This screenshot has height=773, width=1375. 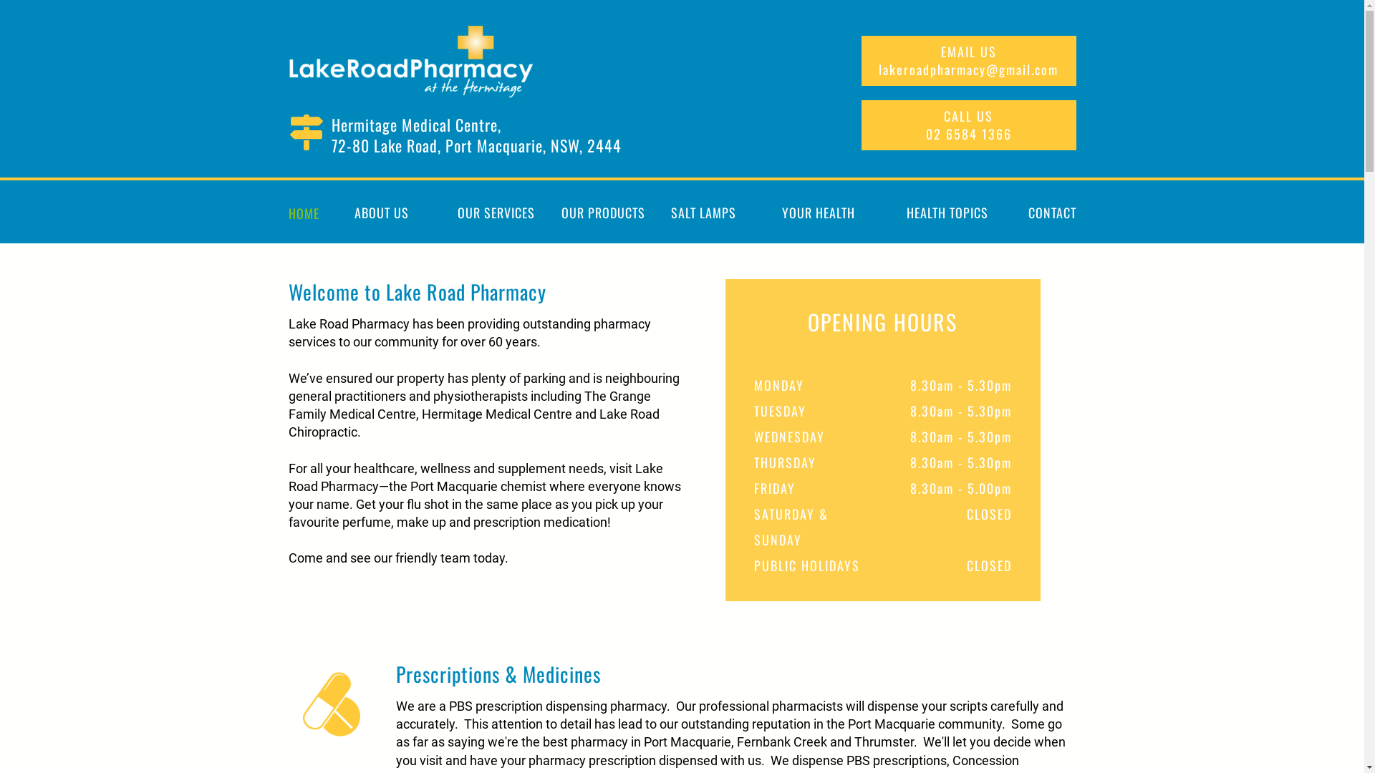 I want to click on 'EMAIL US, so click(x=968, y=59).